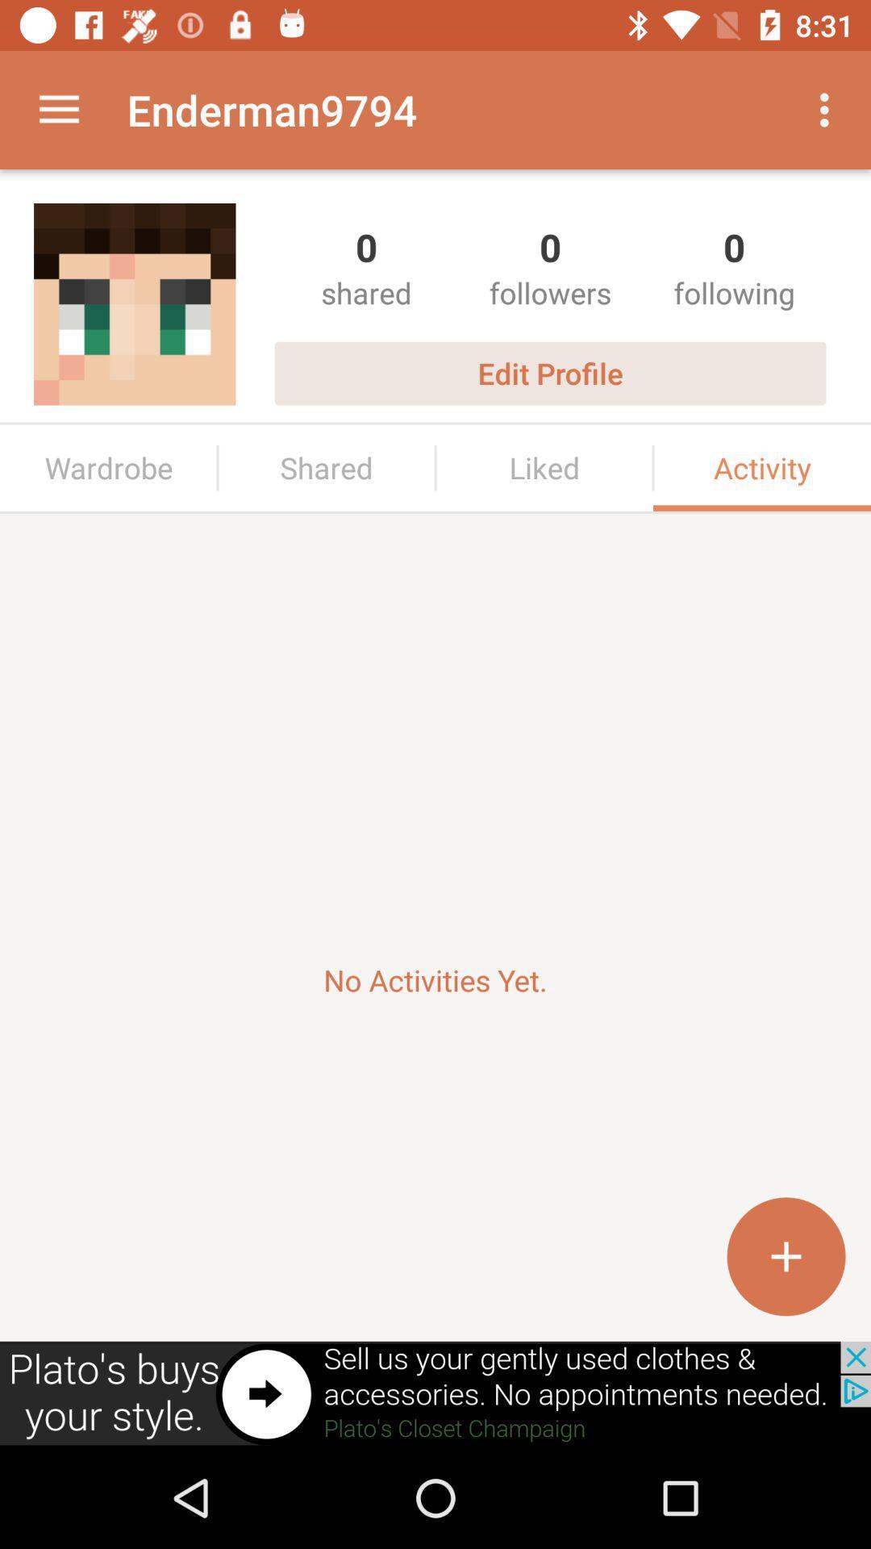 The width and height of the screenshot is (871, 1549). I want to click on add option, so click(786, 1255).